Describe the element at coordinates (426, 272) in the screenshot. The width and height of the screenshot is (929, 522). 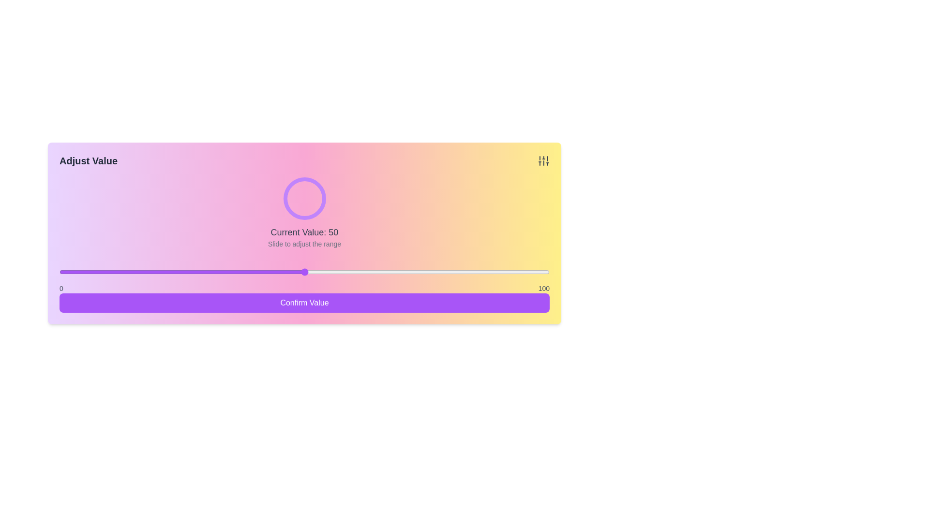
I see `the slider to set the value to 75` at that location.